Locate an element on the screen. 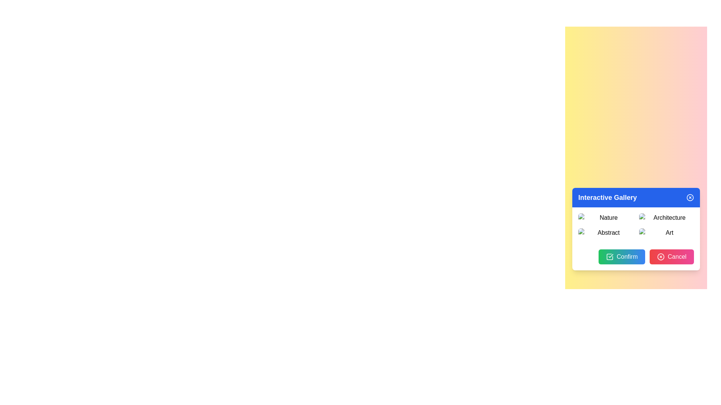 Image resolution: width=721 pixels, height=405 pixels. the 'Abstract' option in the Interactive Gallery modal dialog, which is displayed in a two-by-two grid layout with image placeholders is located at coordinates (636, 228).